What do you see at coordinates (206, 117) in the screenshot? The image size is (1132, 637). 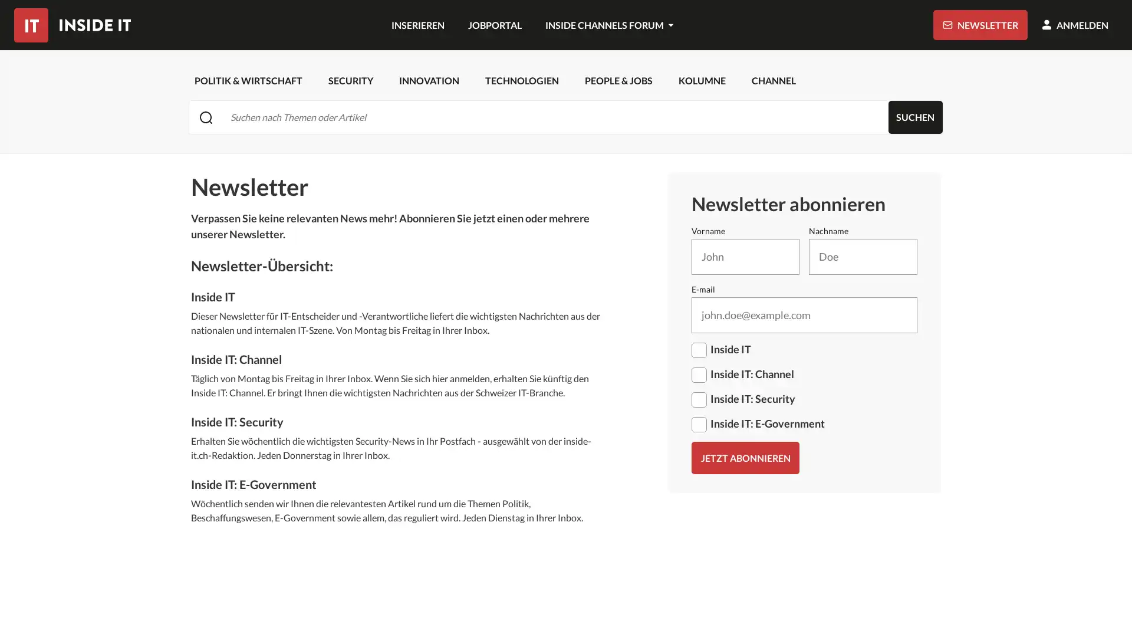 I see `search icon` at bounding box center [206, 117].